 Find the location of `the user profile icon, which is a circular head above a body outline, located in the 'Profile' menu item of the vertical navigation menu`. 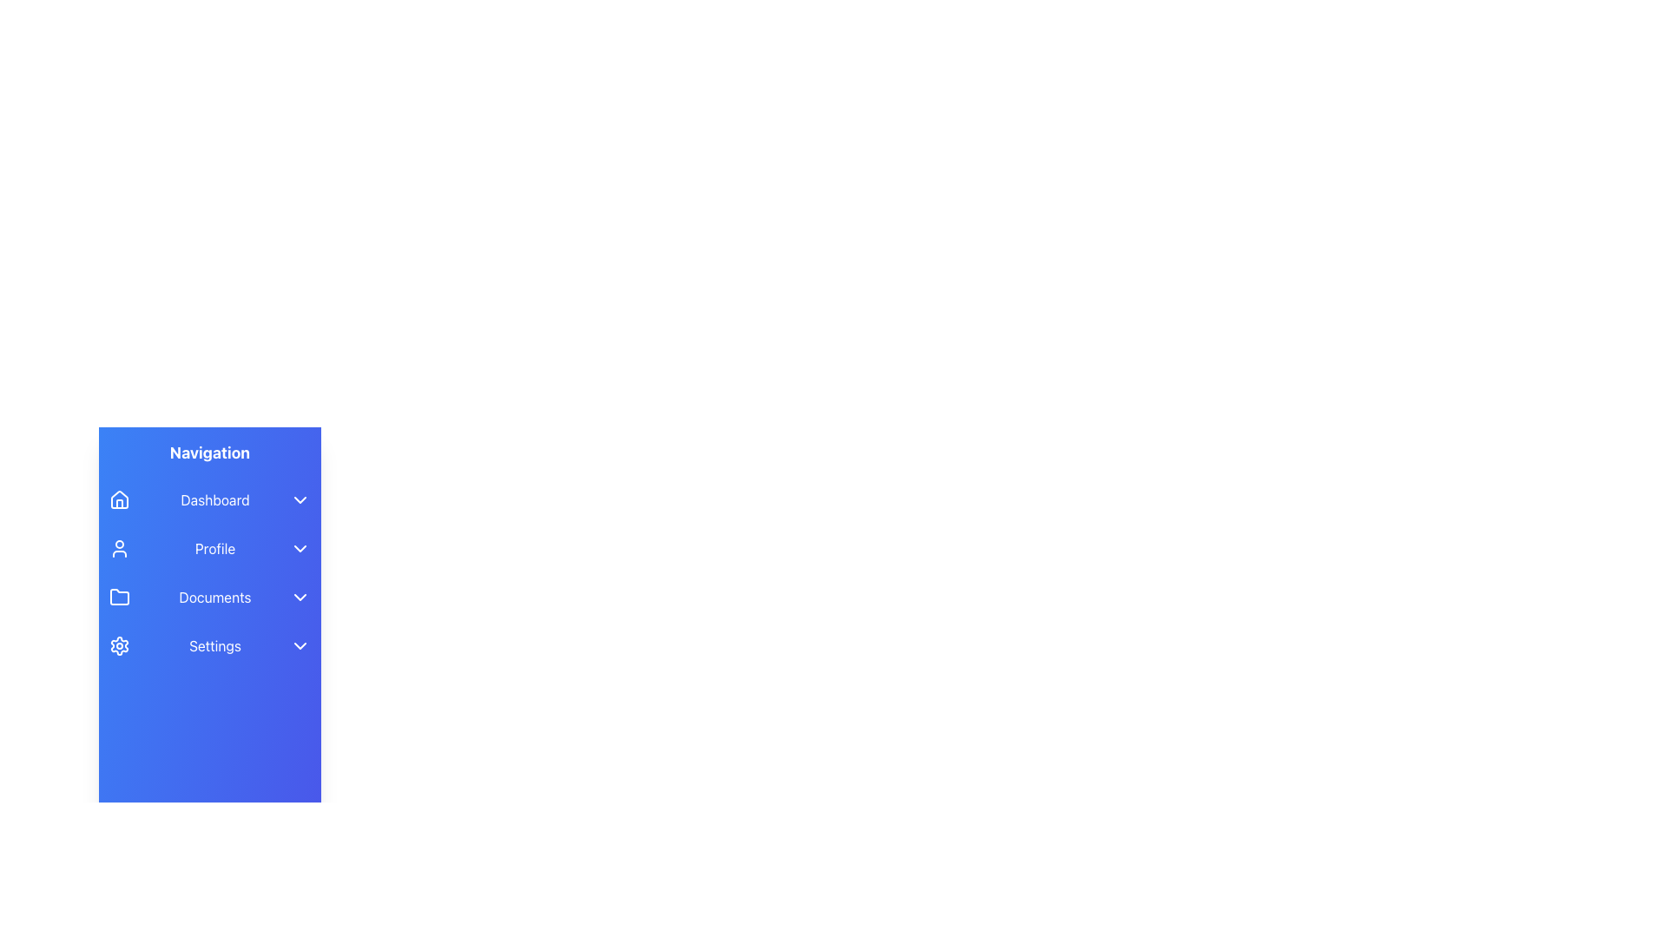

the user profile icon, which is a circular head above a body outline, located in the 'Profile' menu item of the vertical navigation menu is located at coordinates (119, 549).